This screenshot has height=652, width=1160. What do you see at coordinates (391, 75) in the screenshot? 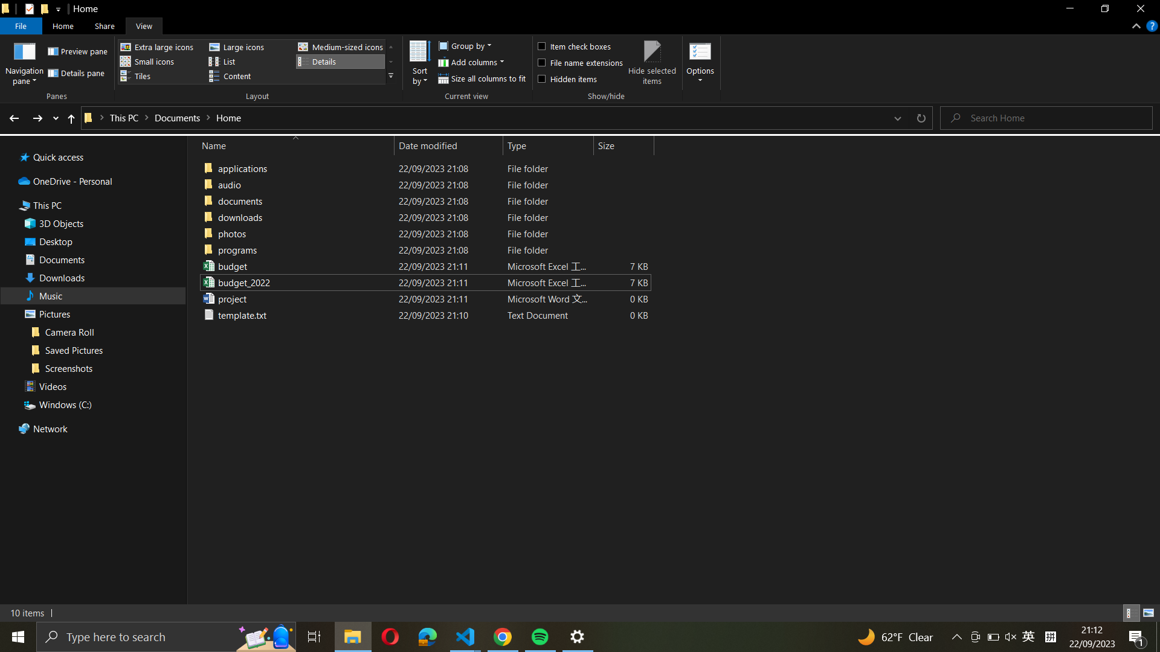
I see `the "more_layouts" menu` at bounding box center [391, 75].